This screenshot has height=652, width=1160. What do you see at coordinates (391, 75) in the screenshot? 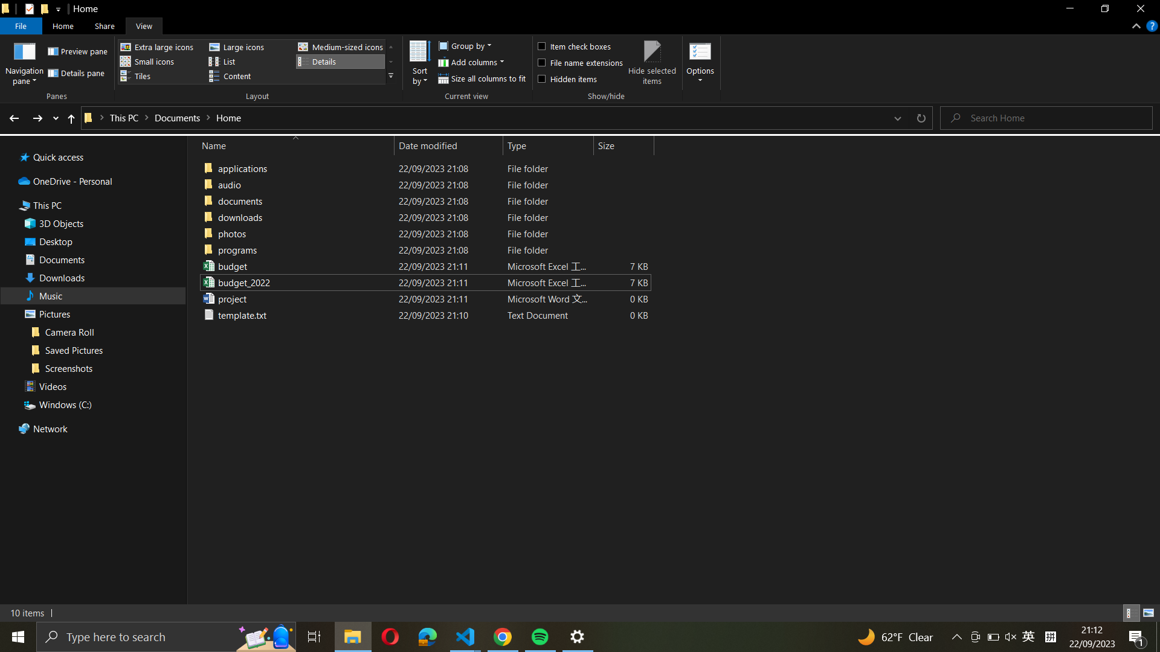
I see `the "more_layouts" menu` at bounding box center [391, 75].